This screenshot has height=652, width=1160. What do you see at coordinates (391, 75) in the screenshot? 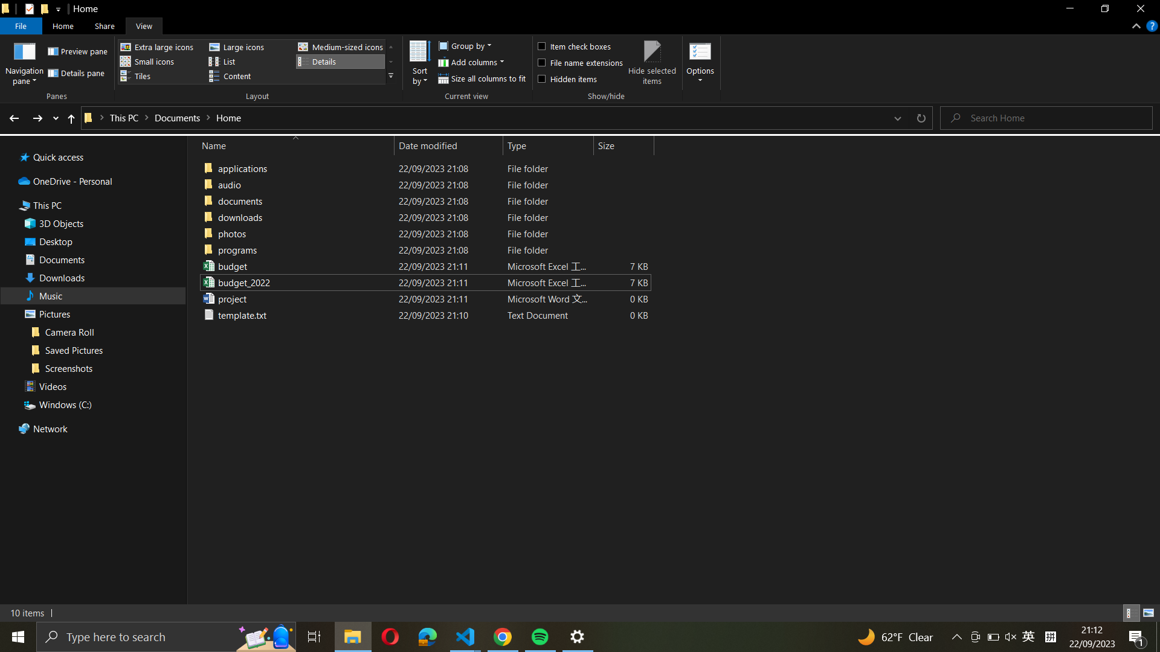
I see `the "more_layouts" menu` at bounding box center [391, 75].